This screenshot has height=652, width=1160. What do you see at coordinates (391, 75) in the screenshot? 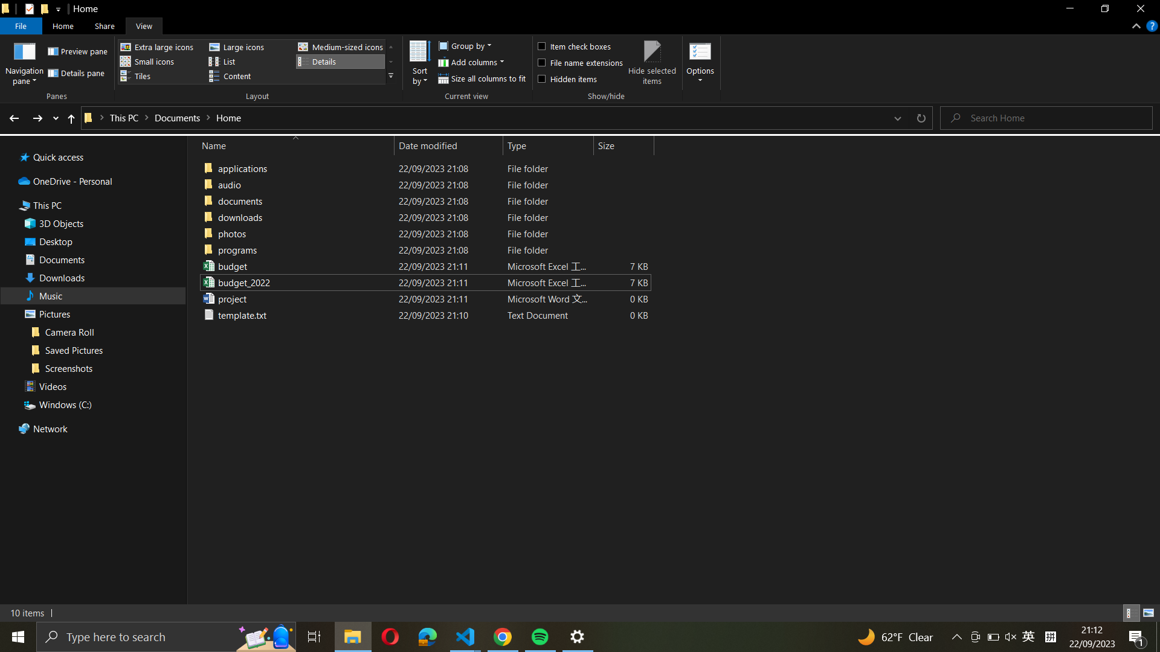
I see `the "more_layouts" menu` at bounding box center [391, 75].